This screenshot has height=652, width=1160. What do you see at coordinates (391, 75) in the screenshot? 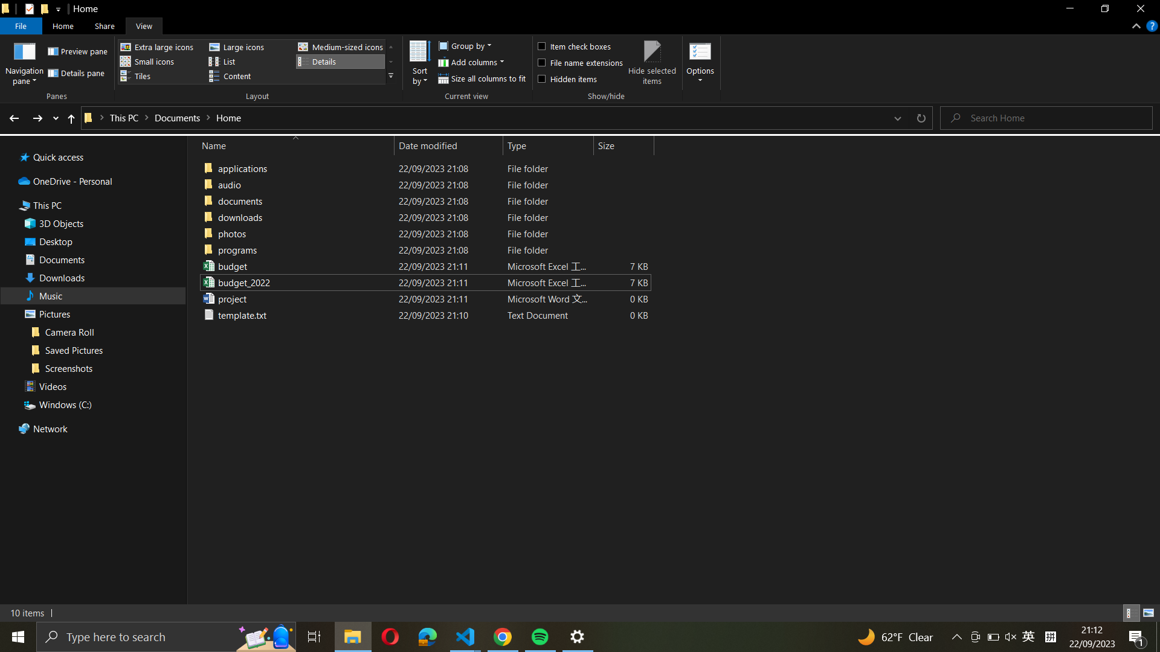
I see `the "more_layouts" menu` at bounding box center [391, 75].